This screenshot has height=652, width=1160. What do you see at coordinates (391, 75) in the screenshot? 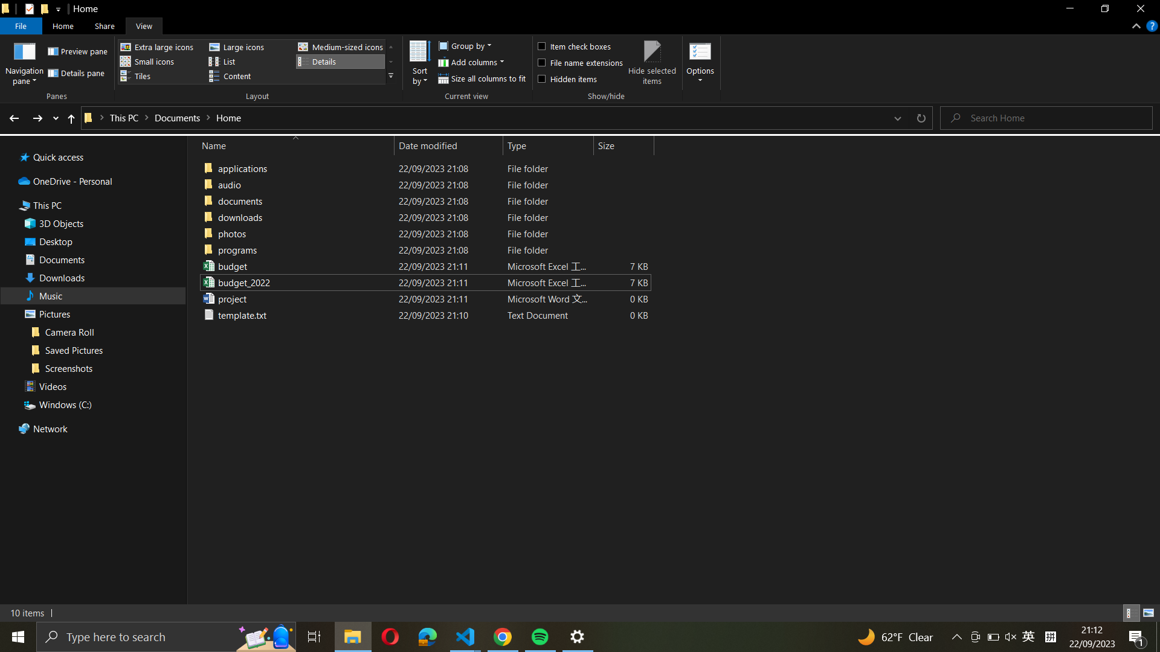
I see `the "more_layouts" menu` at bounding box center [391, 75].